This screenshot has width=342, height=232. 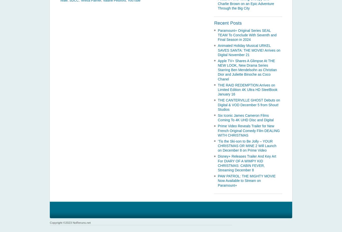 I want to click on 'Paramount+ Original Series SEAL TEAM To Conclude With Seventh and Final Season in 2024', so click(x=247, y=35).